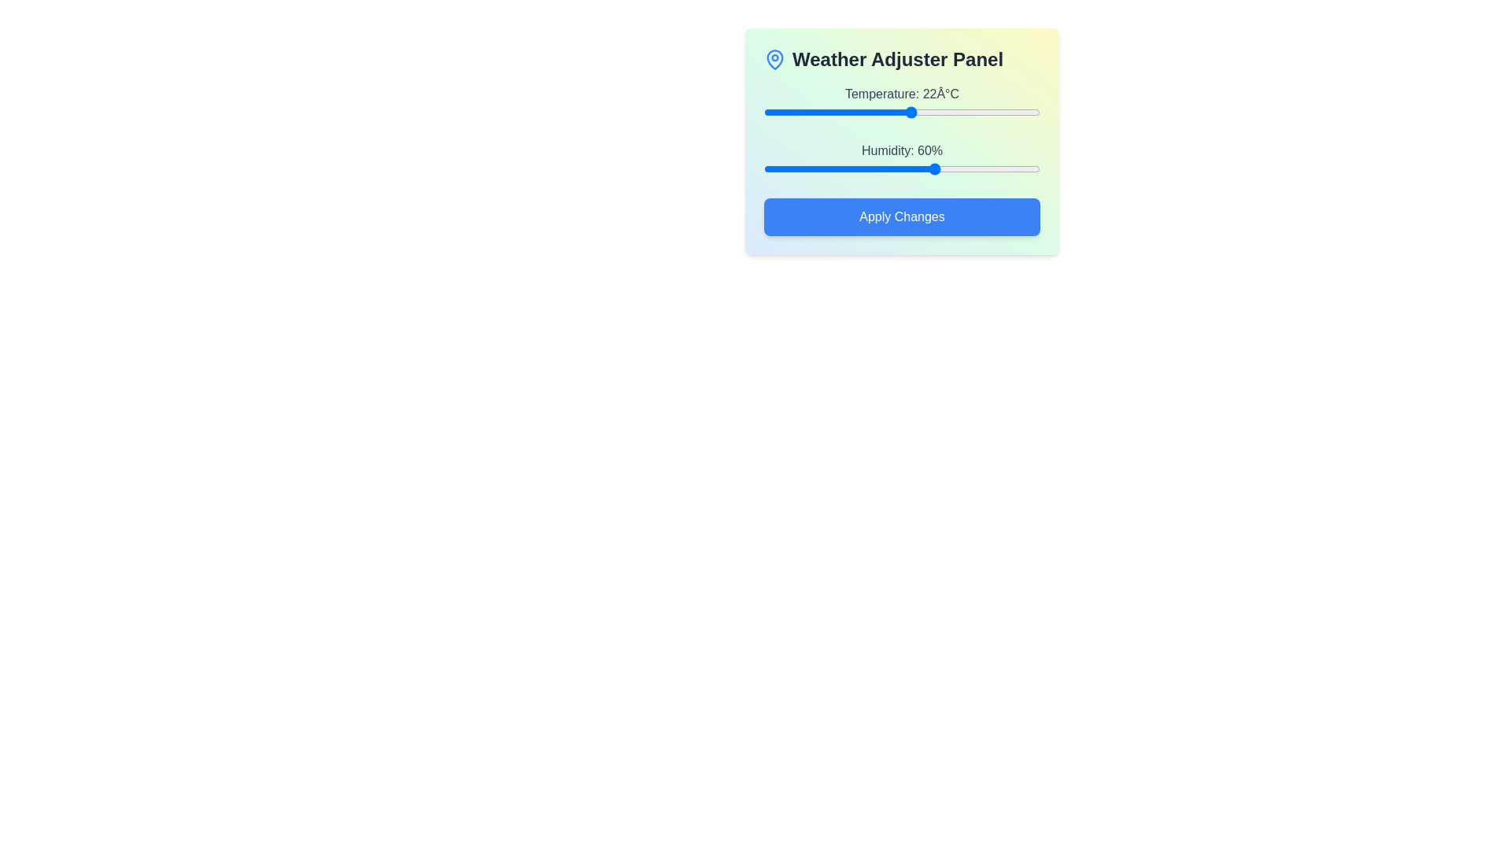  What do you see at coordinates (846, 169) in the screenshot?
I see `the humidity slider to 34%` at bounding box center [846, 169].